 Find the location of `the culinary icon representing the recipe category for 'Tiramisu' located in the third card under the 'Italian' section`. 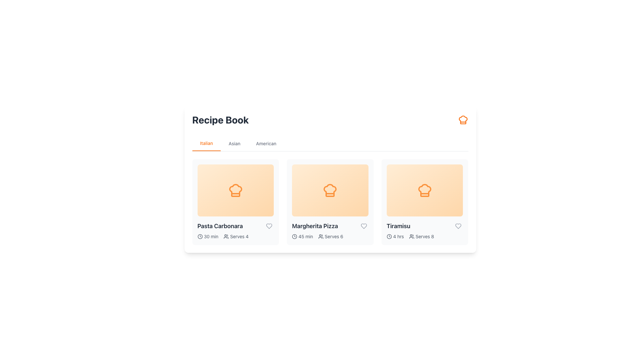

the culinary icon representing the recipe category for 'Tiramisu' located in the third card under the 'Italian' section is located at coordinates (425, 190).